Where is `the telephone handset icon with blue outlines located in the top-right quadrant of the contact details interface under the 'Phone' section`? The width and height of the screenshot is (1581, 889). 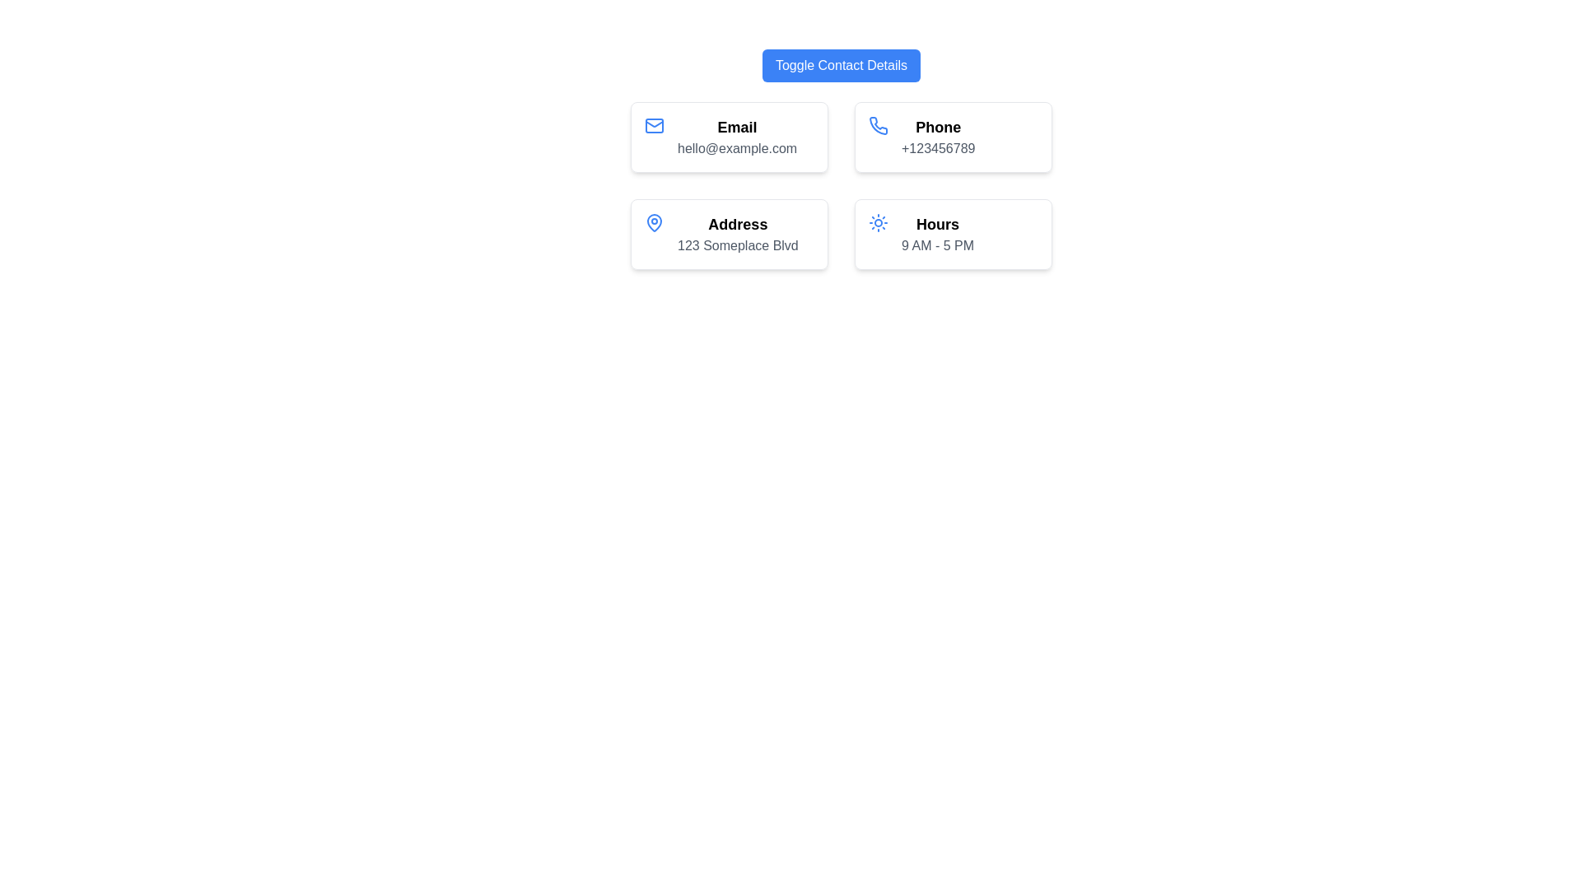 the telephone handset icon with blue outlines located in the top-right quadrant of the contact details interface under the 'Phone' section is located at coordinates (877, 125).